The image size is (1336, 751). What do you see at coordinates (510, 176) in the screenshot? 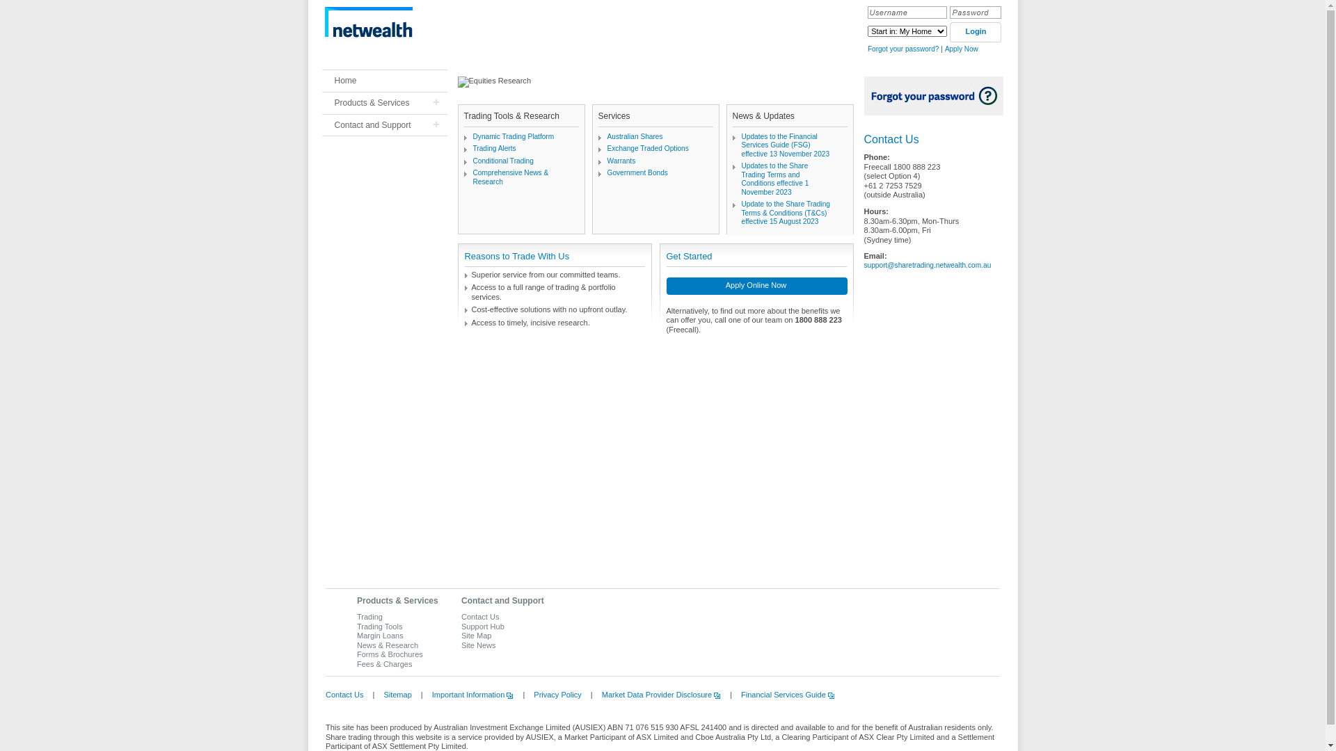
I see `'Comprehensive News & Research'` at bounding box center [510, 176].